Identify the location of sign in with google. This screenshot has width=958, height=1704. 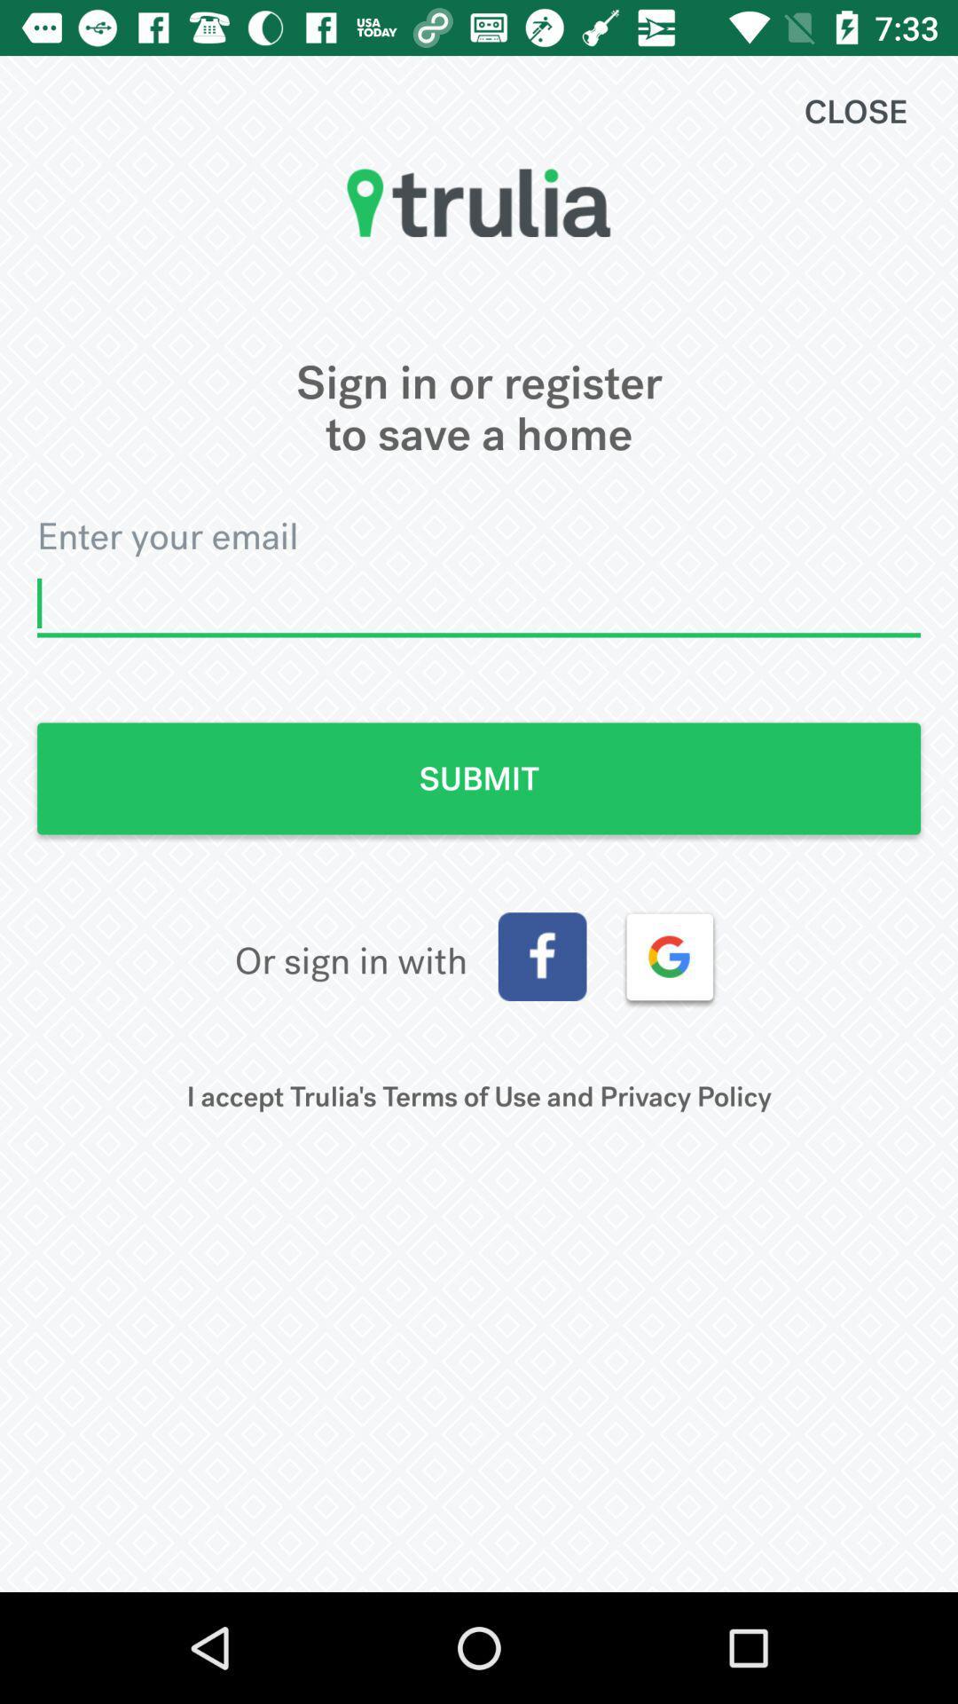
(670, 956).